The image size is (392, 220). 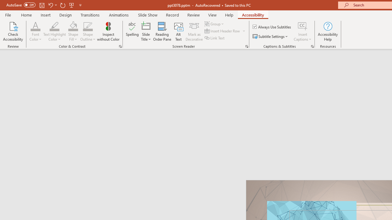 What do you see at coordinates (88, 26) in the screenshot?
I see `'Shape Outline'` at bounding box center [88, 26].